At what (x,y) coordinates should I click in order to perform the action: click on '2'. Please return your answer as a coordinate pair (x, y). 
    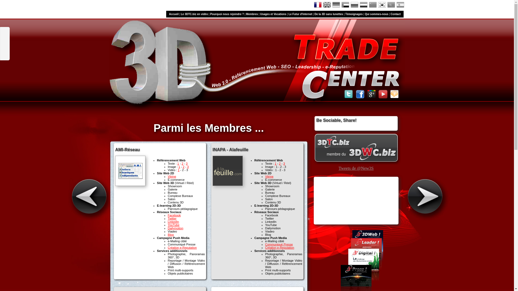
    Looking at the image, I should click on (183, 166).